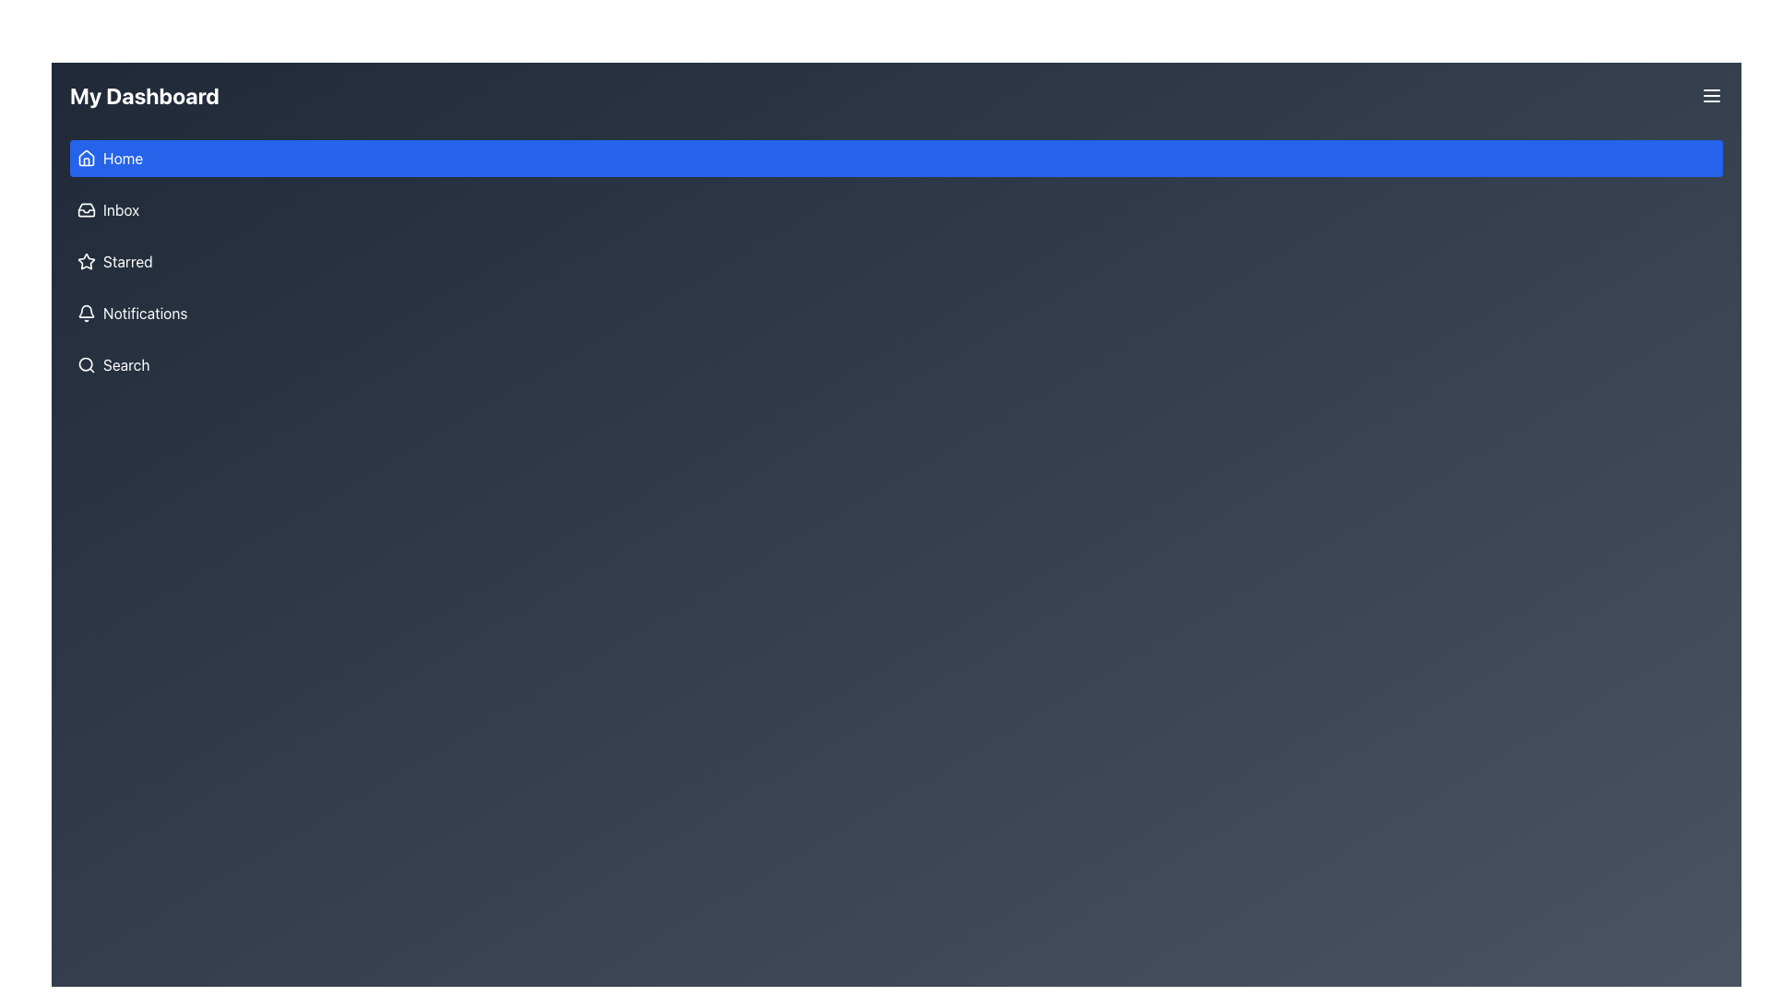  I want to click on the 'Starred' icon in the vertical navigation menu, which indicates a feature related to starred or favorite items, located to the left of the 'Starred' text label, so click(86, 262).